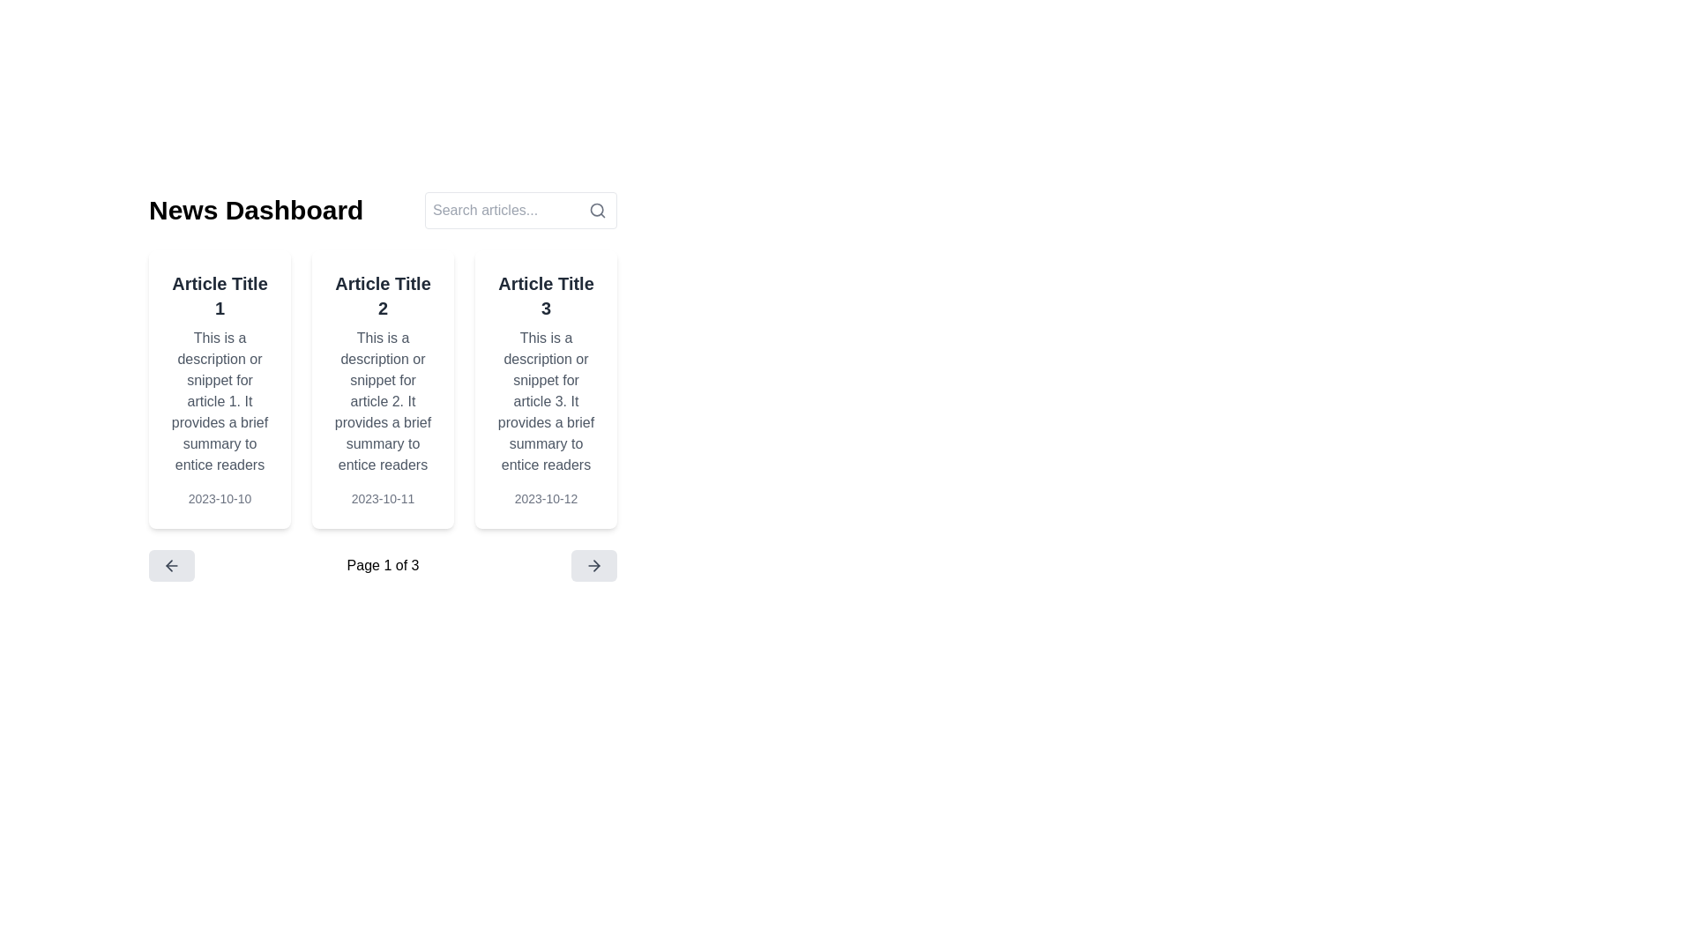  What do you see at coordinates (219, 401) in the screenshot?
I see `the text block displaying a summary description of 'Article Title 1' in dark-gray font color on a white background, located in the middle section of the first article card` at bounding box center [219, 401].